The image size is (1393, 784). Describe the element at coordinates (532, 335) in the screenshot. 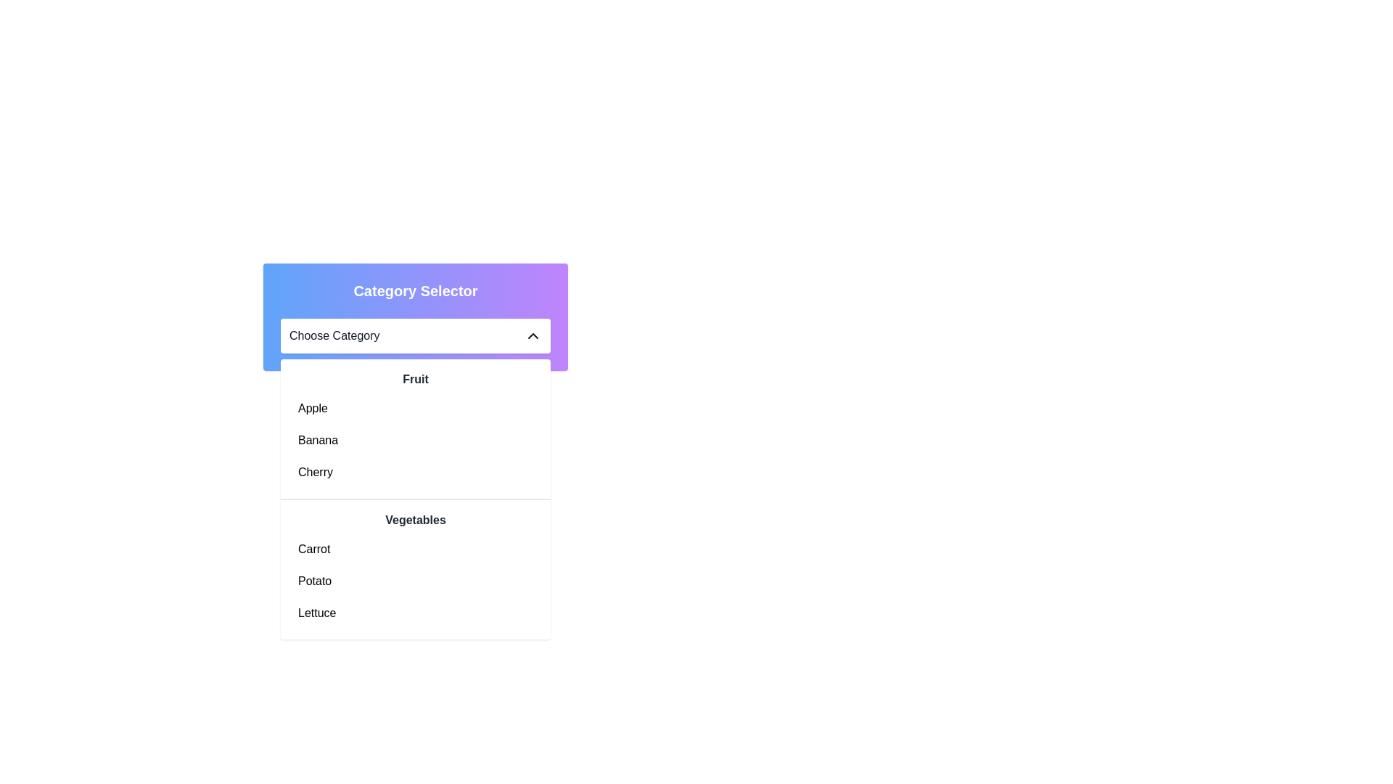

I see `the collapse icon located in the header section of the 'Choose Category' dropdown menu` at that location.